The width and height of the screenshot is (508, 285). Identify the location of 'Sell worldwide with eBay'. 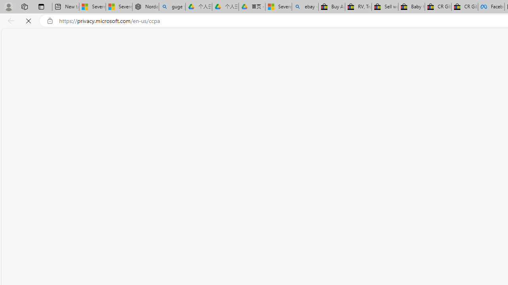
(385, 7).